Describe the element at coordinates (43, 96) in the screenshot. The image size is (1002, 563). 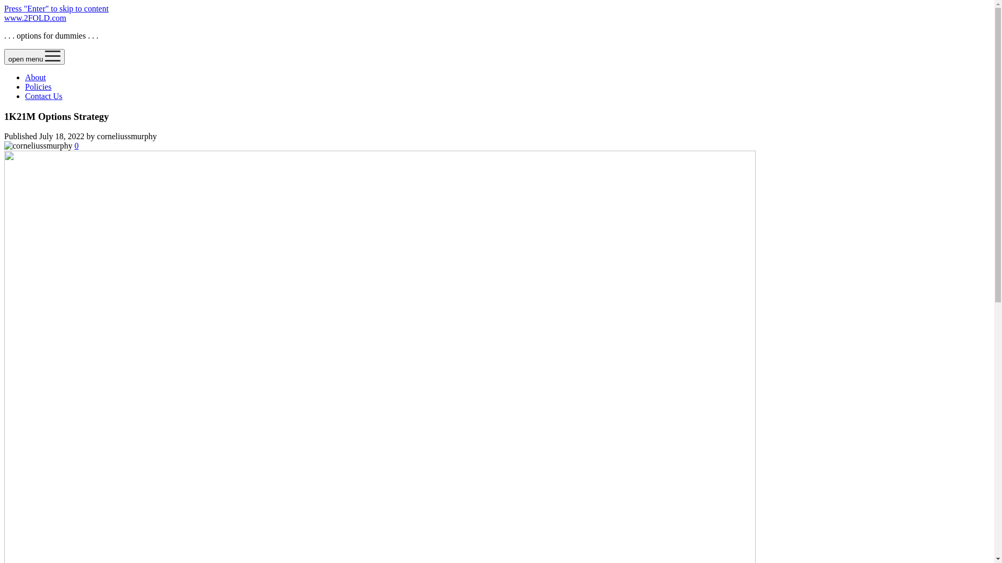
I see `'Contact Us'` at that location.